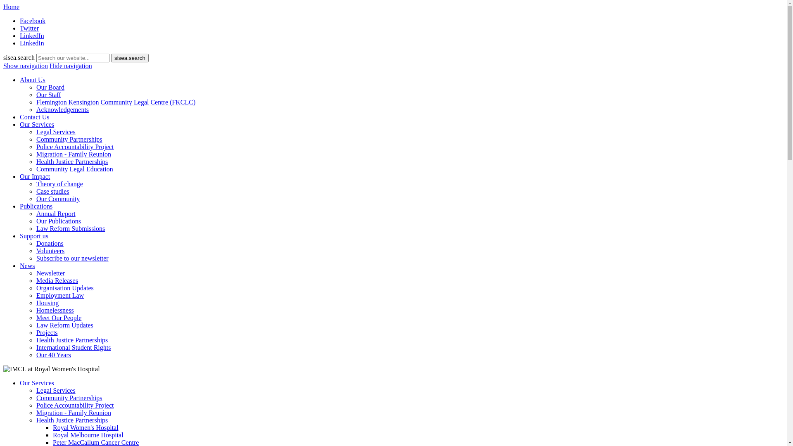 The height and width of the screenshot is (446, 793). Describe the element at coordinates (36, 131) in the screenshot. I see `'Legal Services'` at that location.